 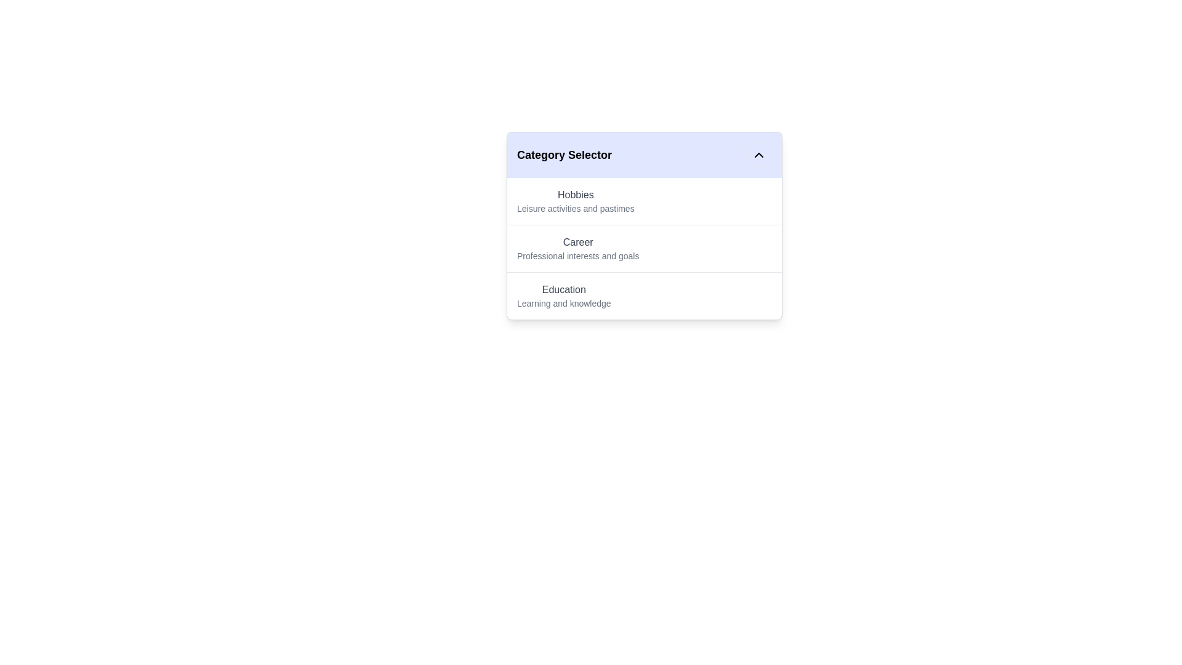 What do you see at coordinates (563, 289) in the screenshot?
I see `the 'Education' text label, which is located in the third row of the category selector dropdown and appears above the description 'Learning and knowledge'` at bounding box center [563, 289].